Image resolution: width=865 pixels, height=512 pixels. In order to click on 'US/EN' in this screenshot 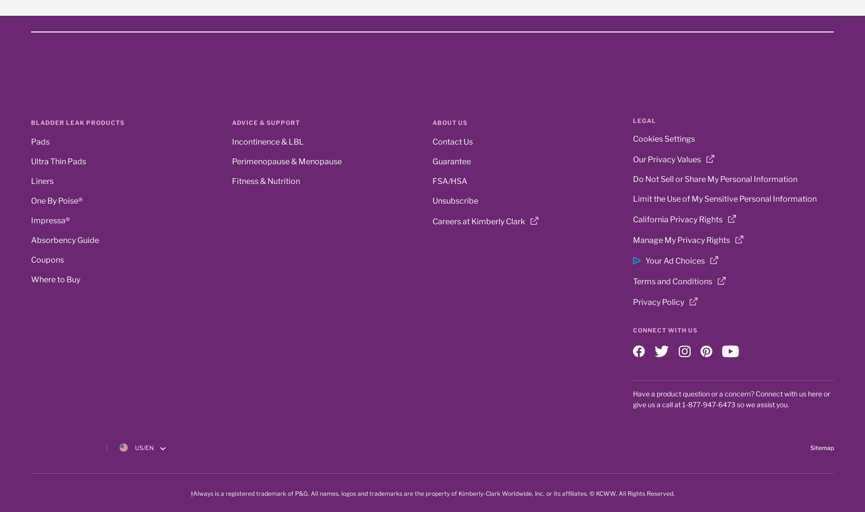, I will do `click(144, 447)`.